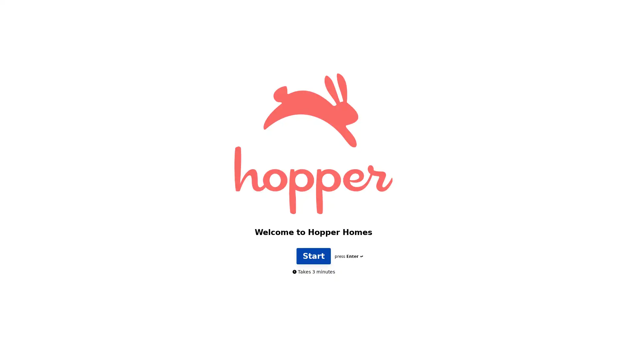  What do you see at coordinates (313, 266) in the screenshot?
I see `Start` at bounding box center [313, 266].